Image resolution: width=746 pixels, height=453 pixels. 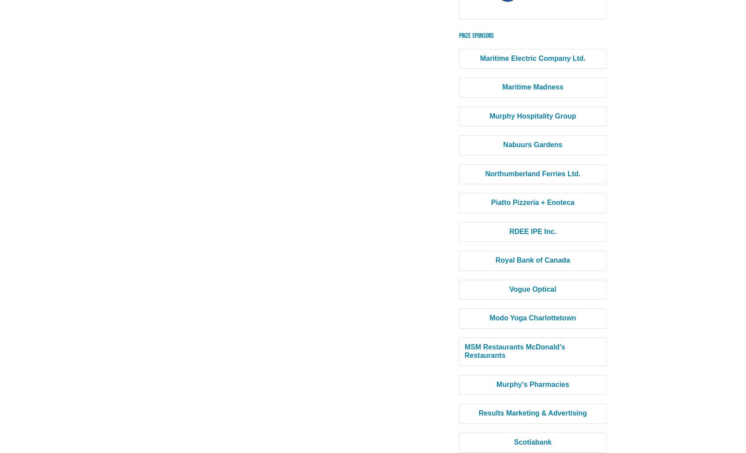 What do you see at coordinates (532, 115) in the screenshot?
I see `'Murphy Hospitality Group'` at bounding box center [532, 115].